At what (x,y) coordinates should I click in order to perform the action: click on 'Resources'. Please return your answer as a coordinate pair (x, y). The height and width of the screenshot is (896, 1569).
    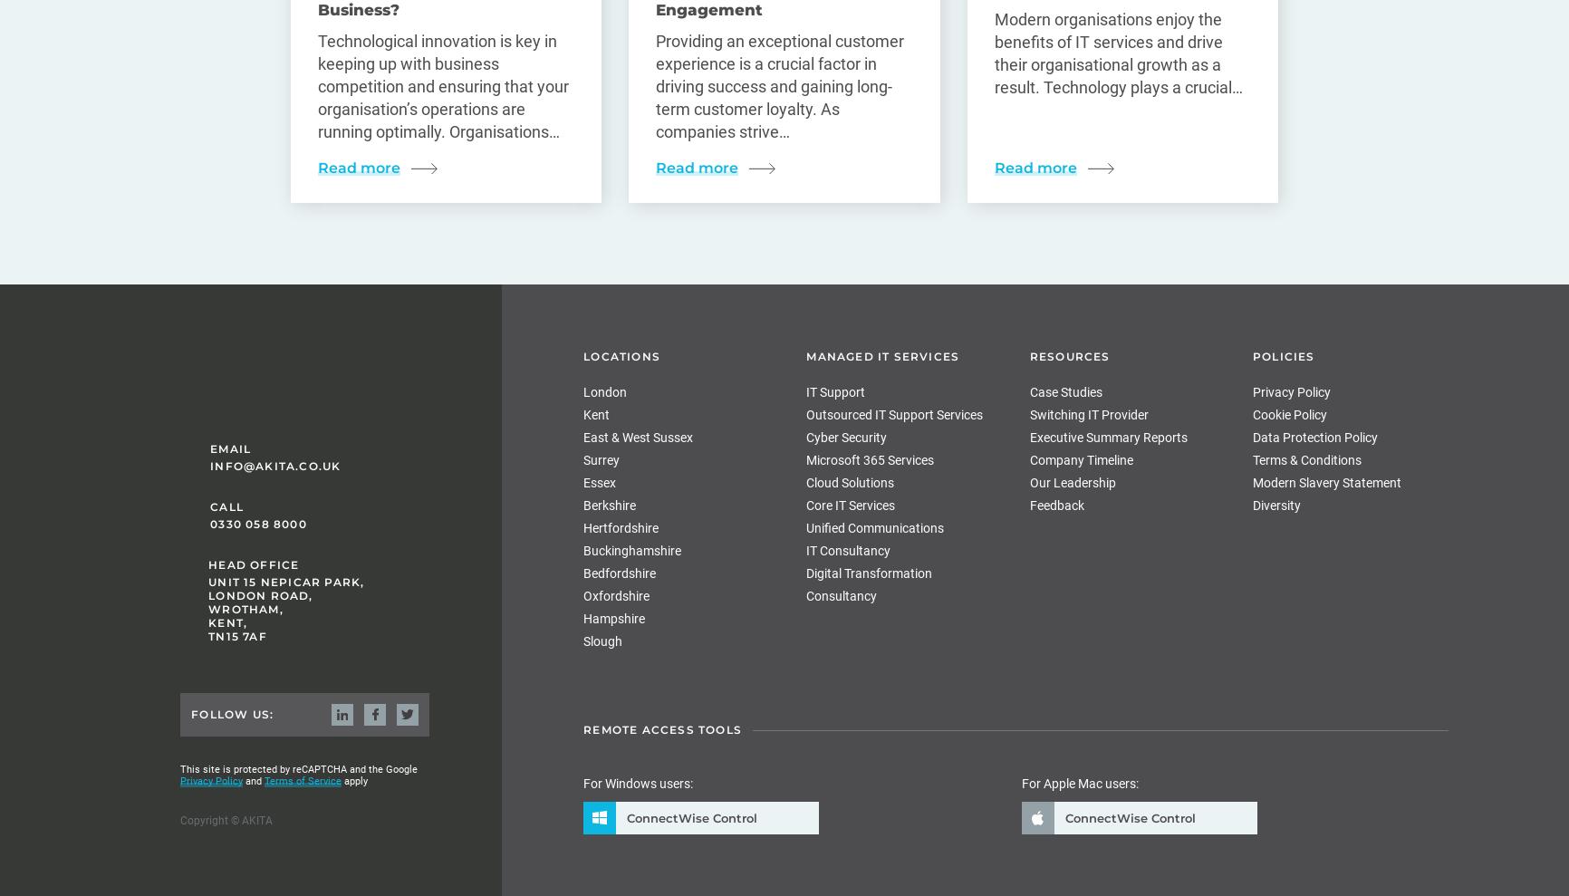
    Looking at the image, I should click on (1068, 356).